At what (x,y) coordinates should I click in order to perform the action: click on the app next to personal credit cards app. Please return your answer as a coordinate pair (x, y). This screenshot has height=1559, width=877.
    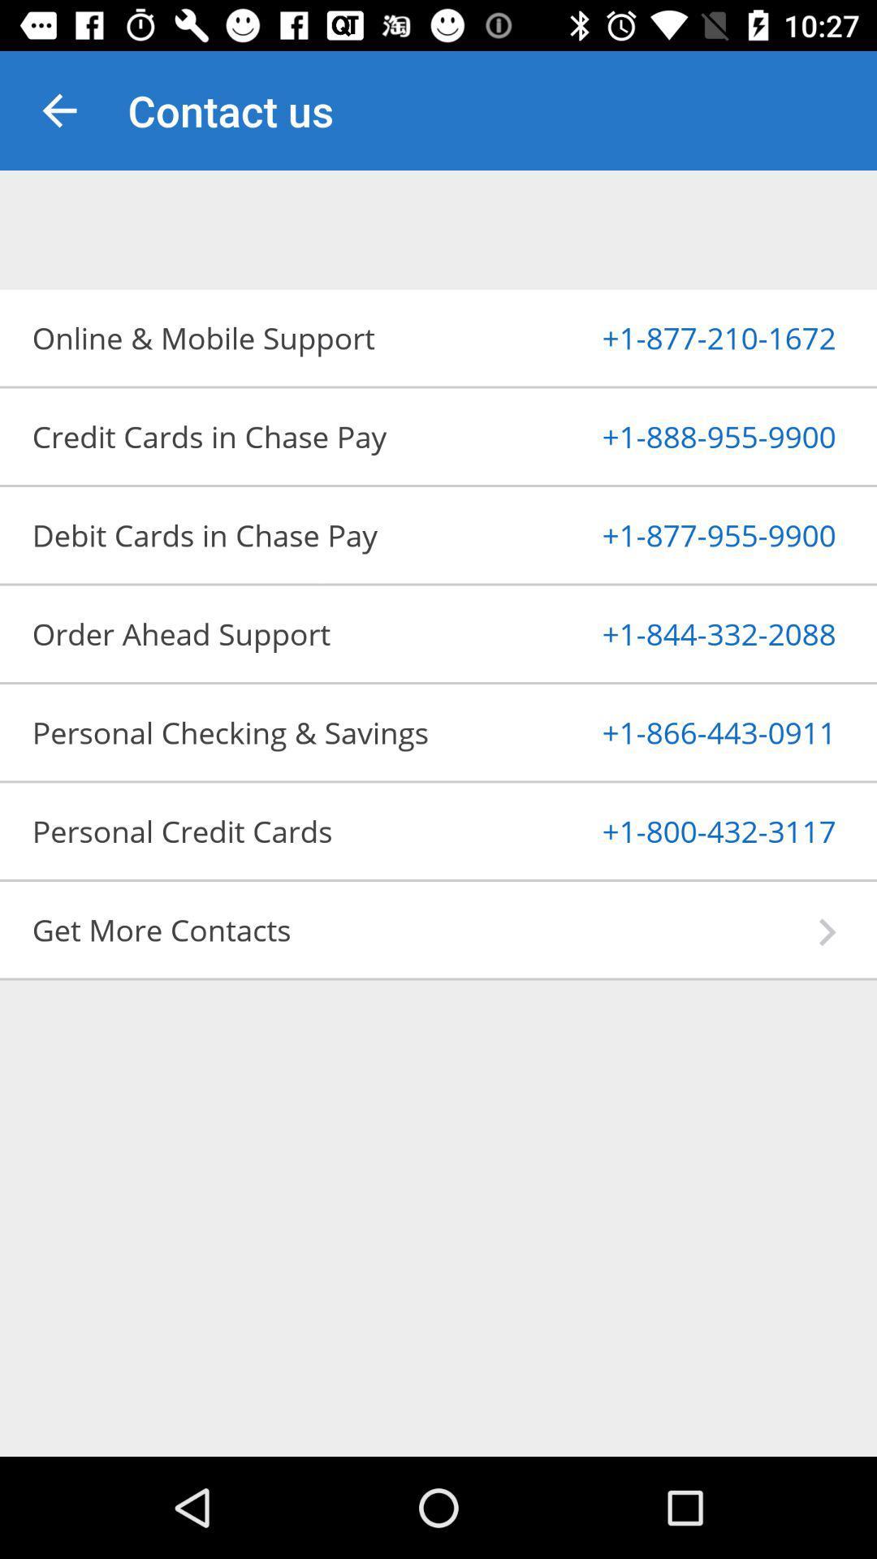
    Looking at the image, I should click on (680, 831).